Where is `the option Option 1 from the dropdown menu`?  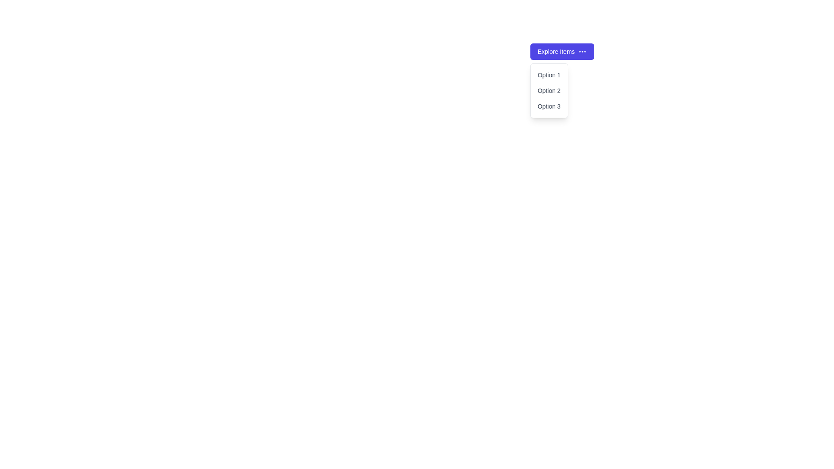 the option Option 1 from the dropdown menu is located at coordinates (549, 75).